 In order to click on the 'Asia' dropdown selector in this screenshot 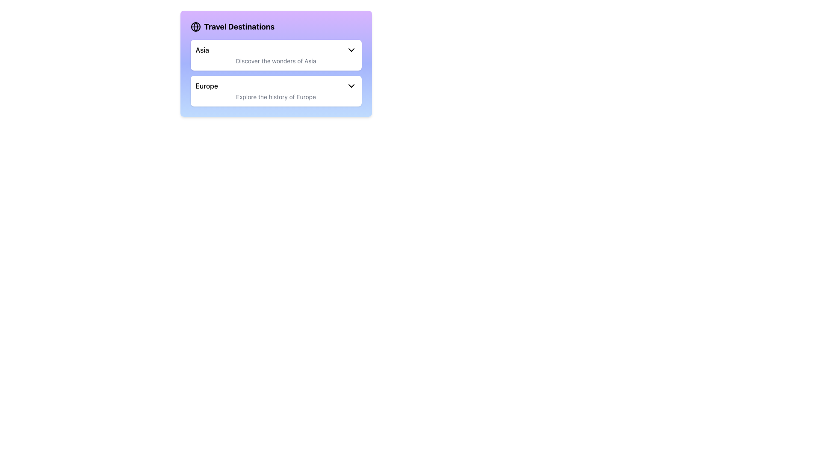, I will do `click(276, 50)`.